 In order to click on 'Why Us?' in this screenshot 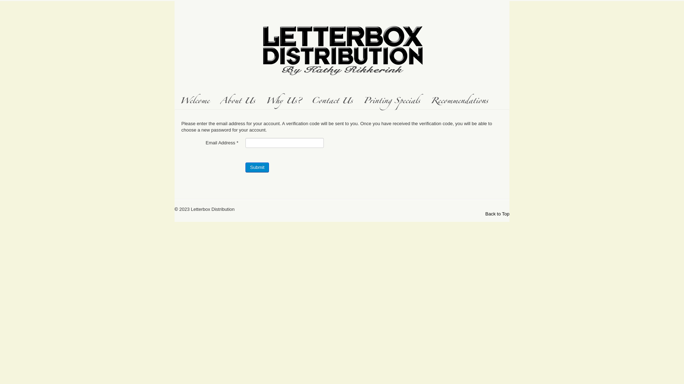, I will do `click(260, 102)`.